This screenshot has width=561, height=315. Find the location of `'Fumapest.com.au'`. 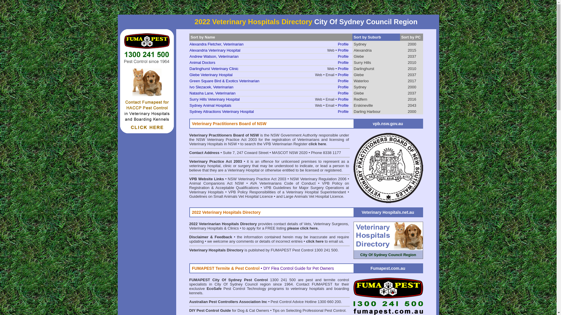

'Fumapest.com.au' is located at coordinates (388, 268).